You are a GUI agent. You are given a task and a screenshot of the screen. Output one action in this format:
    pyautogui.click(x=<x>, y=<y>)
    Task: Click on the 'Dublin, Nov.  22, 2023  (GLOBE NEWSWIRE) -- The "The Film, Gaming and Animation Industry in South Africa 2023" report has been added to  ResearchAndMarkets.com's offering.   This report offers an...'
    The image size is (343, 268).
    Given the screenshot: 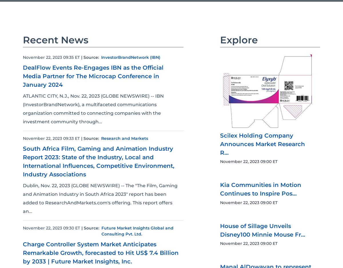 What is the action you would take?
    pyautogui.click(x=100, y=198)
    